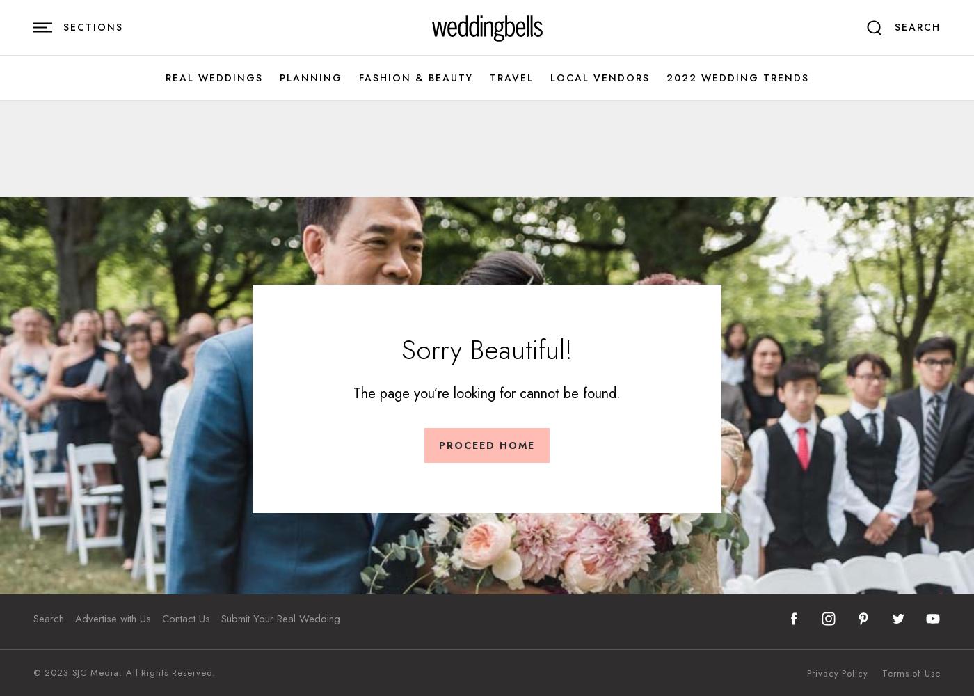 The height and width of the screenshot is (696, 974). Describe the element at coordinates (310, 77) in the screenshot. I see `'Planning'` at that location.